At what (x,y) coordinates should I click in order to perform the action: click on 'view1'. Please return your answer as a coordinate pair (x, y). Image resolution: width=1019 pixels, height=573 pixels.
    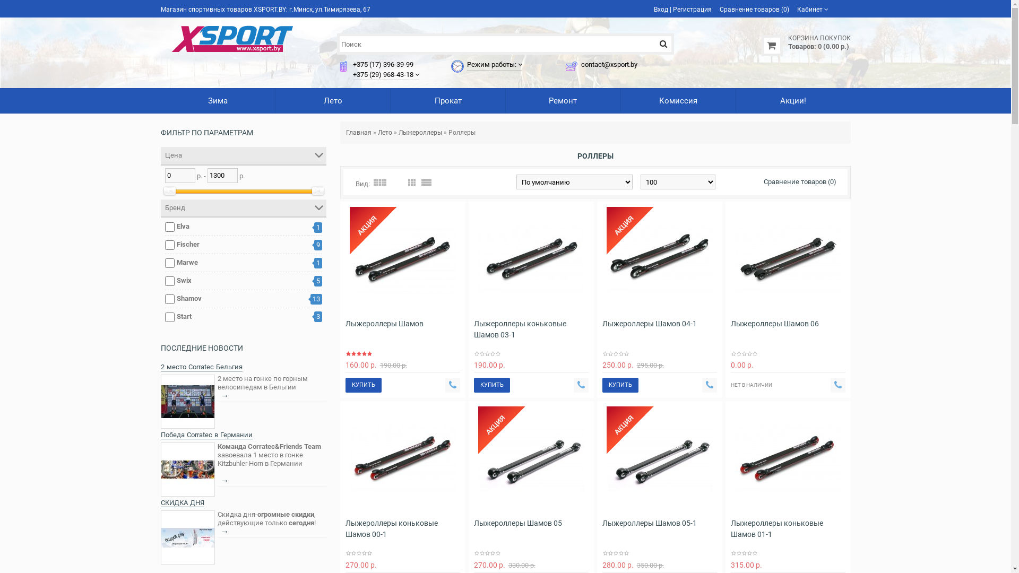
    Looking at the image, I should click on (426, 181).